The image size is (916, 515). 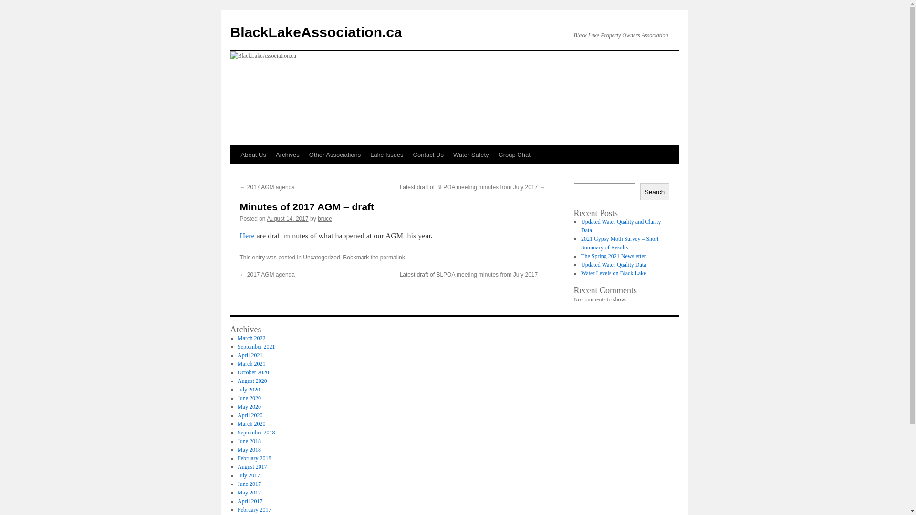 I want to click on 'August 2017', so click(x=252, y=466).